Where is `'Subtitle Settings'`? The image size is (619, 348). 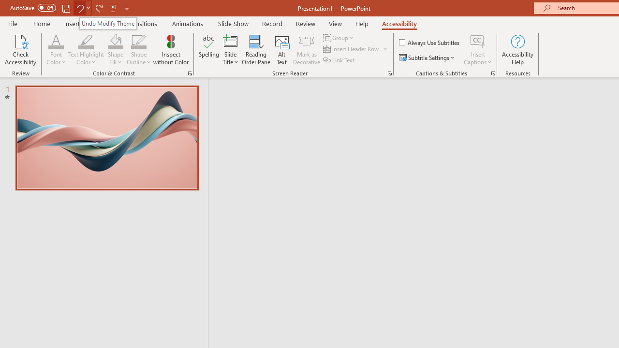 'Subtitle Settings' is located at coordinates (427, 58).